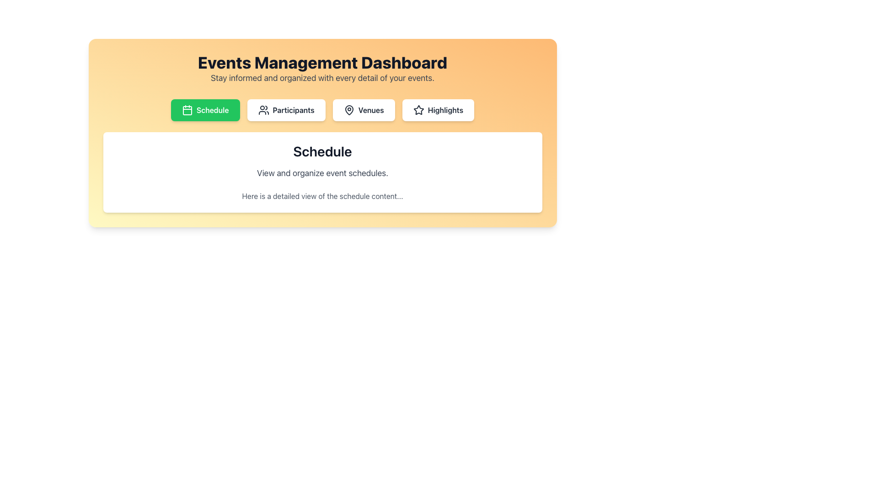 This screenshot has width=878, height=494. I want to click on the decorative SVG element that is part of the calendar icon within the 'Schedule' button, located on the leftmost side of the row of buttons under the 'Events Management Dashboard' heading, so click(187, 110).